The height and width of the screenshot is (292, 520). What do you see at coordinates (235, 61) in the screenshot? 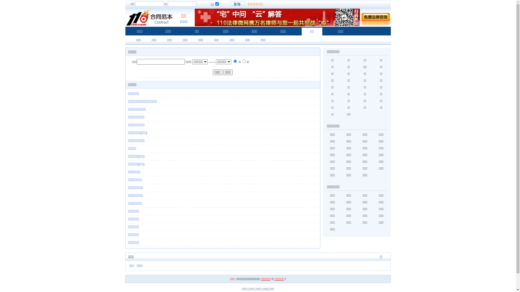
I see `'0'` at bounding box center [235, 61].